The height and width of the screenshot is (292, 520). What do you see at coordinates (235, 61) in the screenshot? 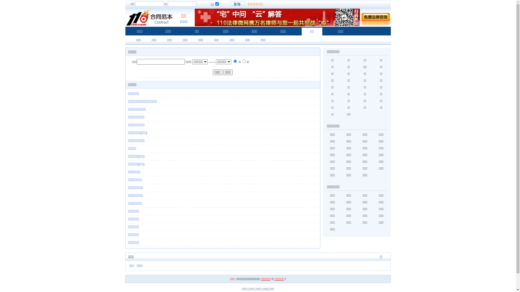
I see `'0'` at bounding box center [235, 61].